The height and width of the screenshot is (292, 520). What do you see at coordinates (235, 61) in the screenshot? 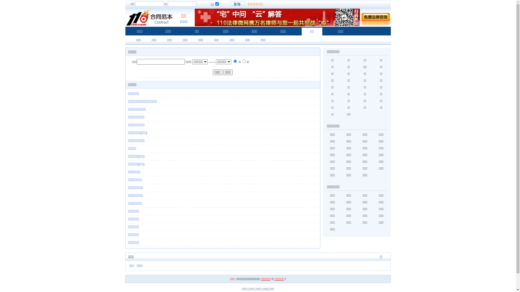
I see `'0'` at bounding box center [235, 61].